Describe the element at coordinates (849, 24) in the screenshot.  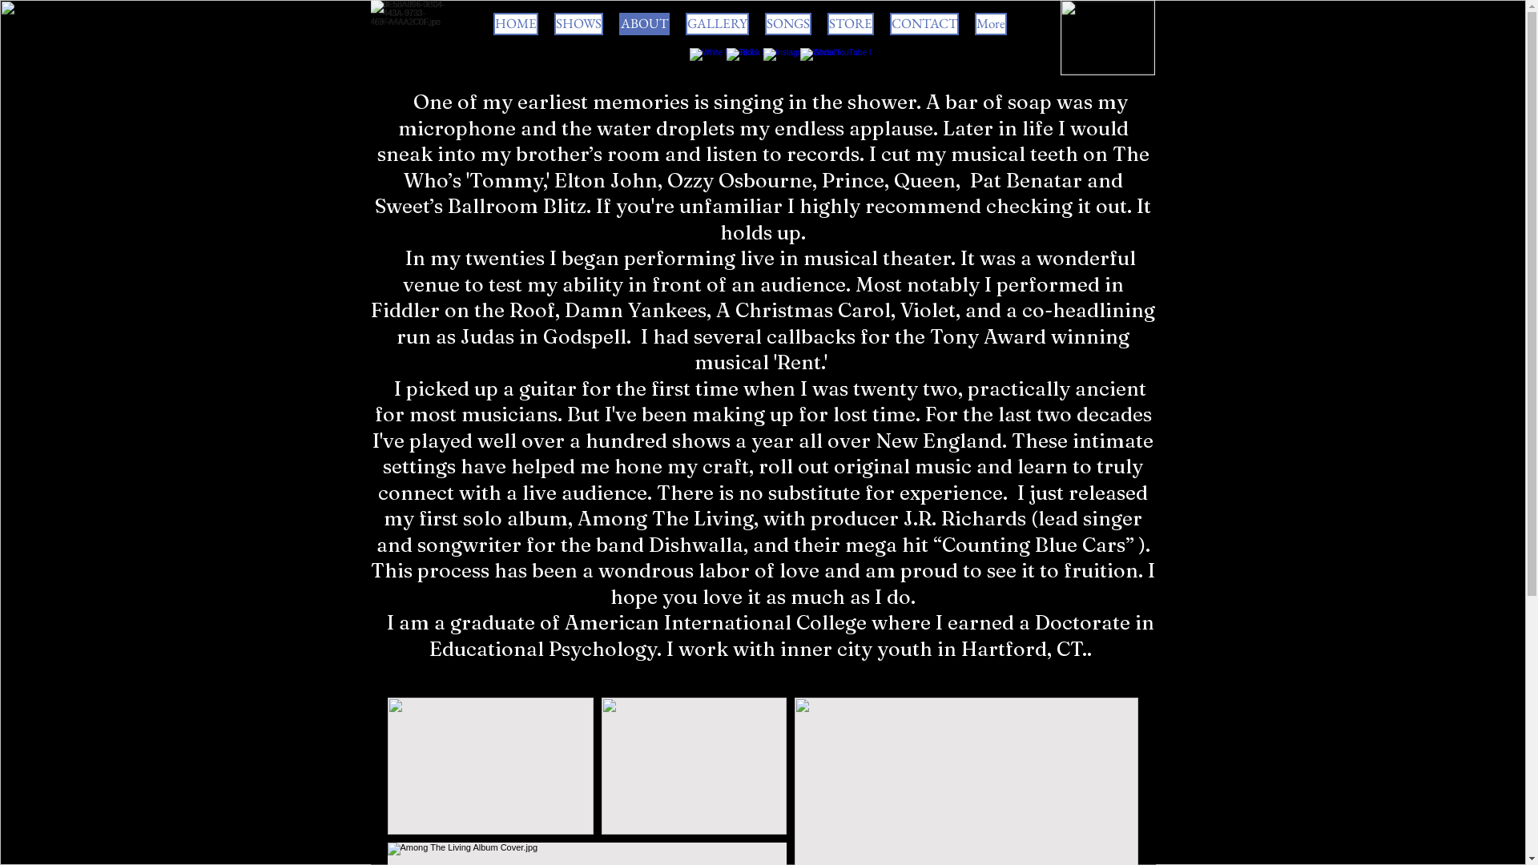
I see `'STORE'` at that location.